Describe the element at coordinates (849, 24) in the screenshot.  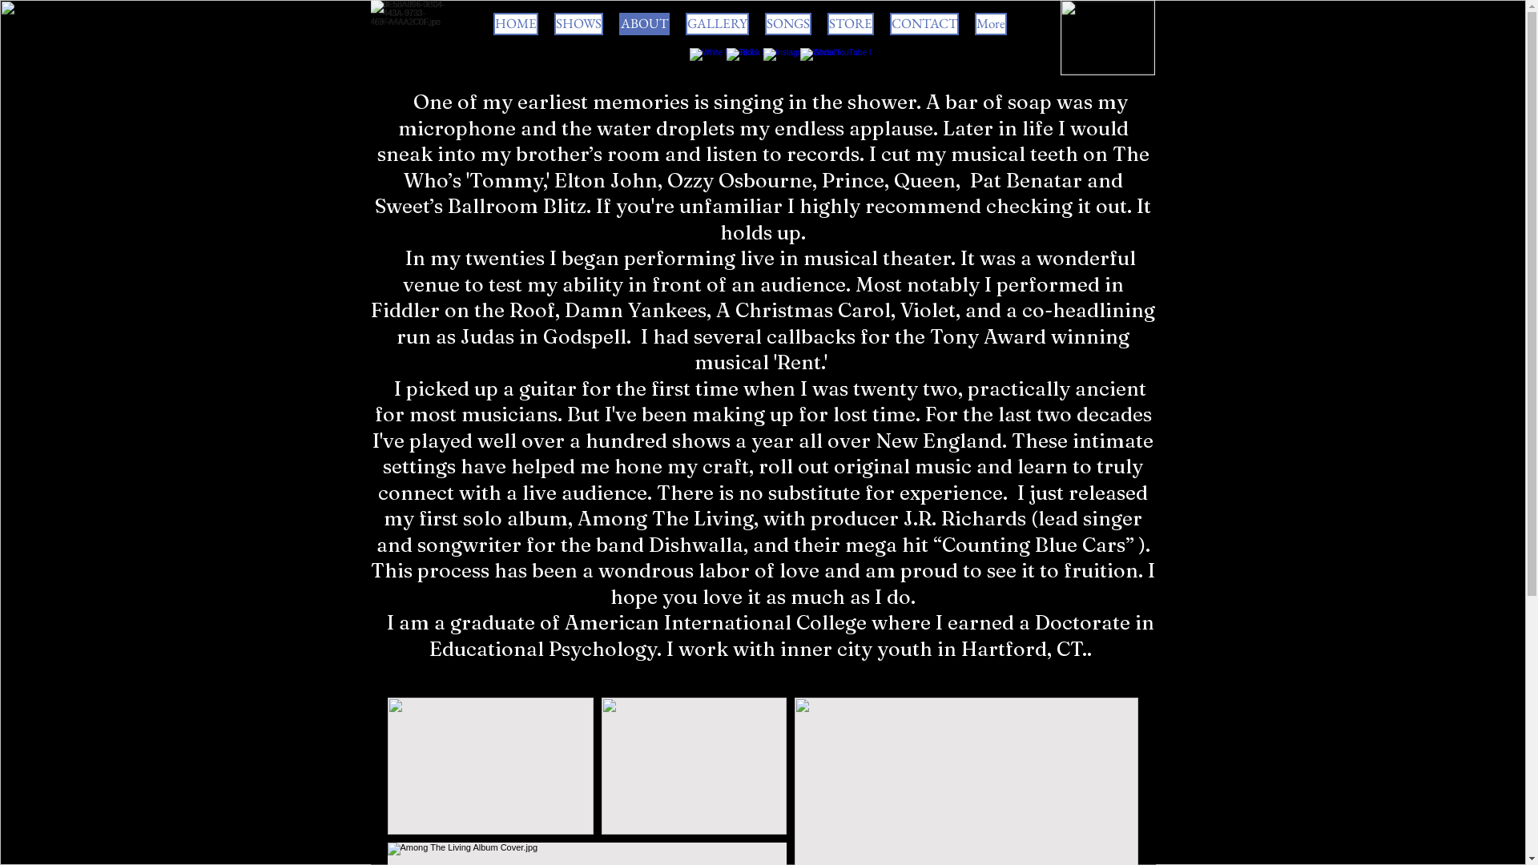
I see `'STORE'` at that location.